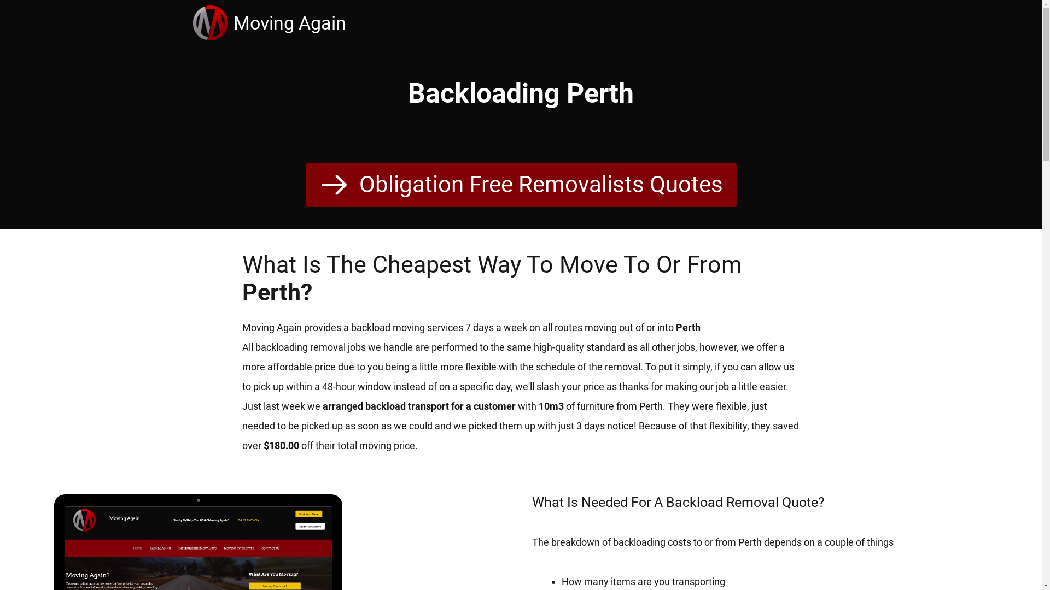  What do you see at coordinates (305, 184) in the screenshot?
I see `'Obligation Free Removalists Quotes'` at bounding box center [305, 184].